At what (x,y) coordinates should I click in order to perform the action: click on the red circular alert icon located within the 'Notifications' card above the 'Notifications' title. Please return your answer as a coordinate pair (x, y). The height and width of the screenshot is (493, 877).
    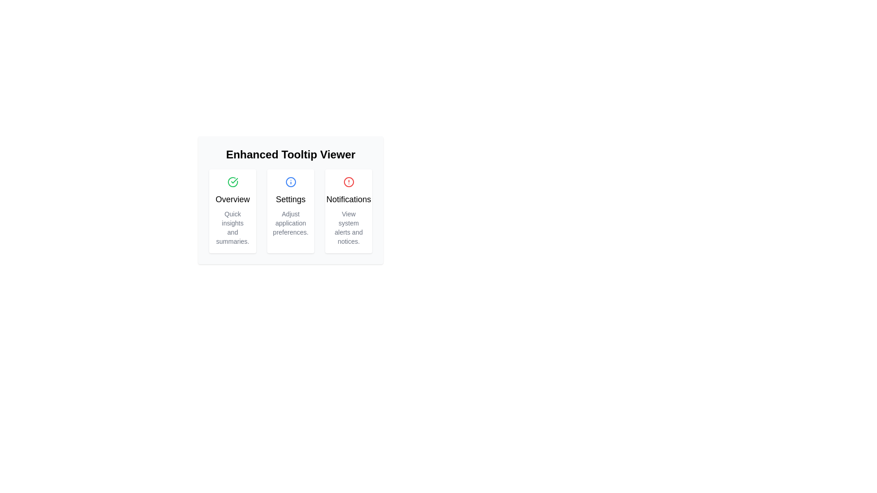
    Looking at the image, I should click on (348, 182).